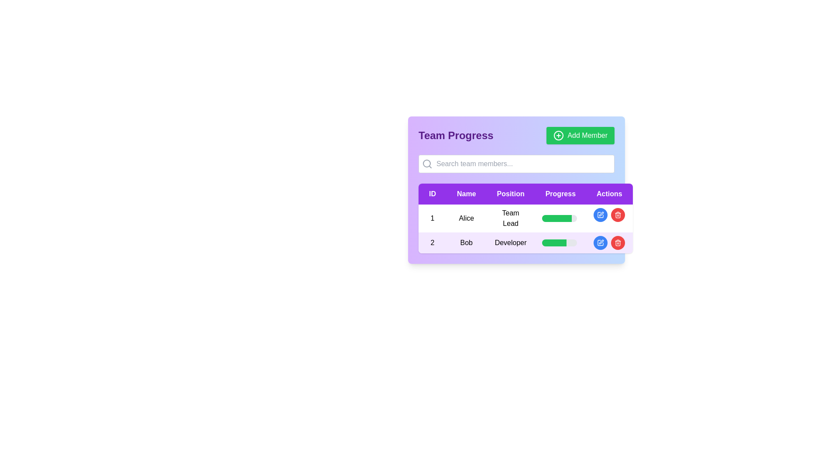 Image resolution: width=838 pixels, height=471 pixels. I want to click on the horizontal progress bar indicating the progress of the Team Lead in the first row of the table, so click(559, 218).